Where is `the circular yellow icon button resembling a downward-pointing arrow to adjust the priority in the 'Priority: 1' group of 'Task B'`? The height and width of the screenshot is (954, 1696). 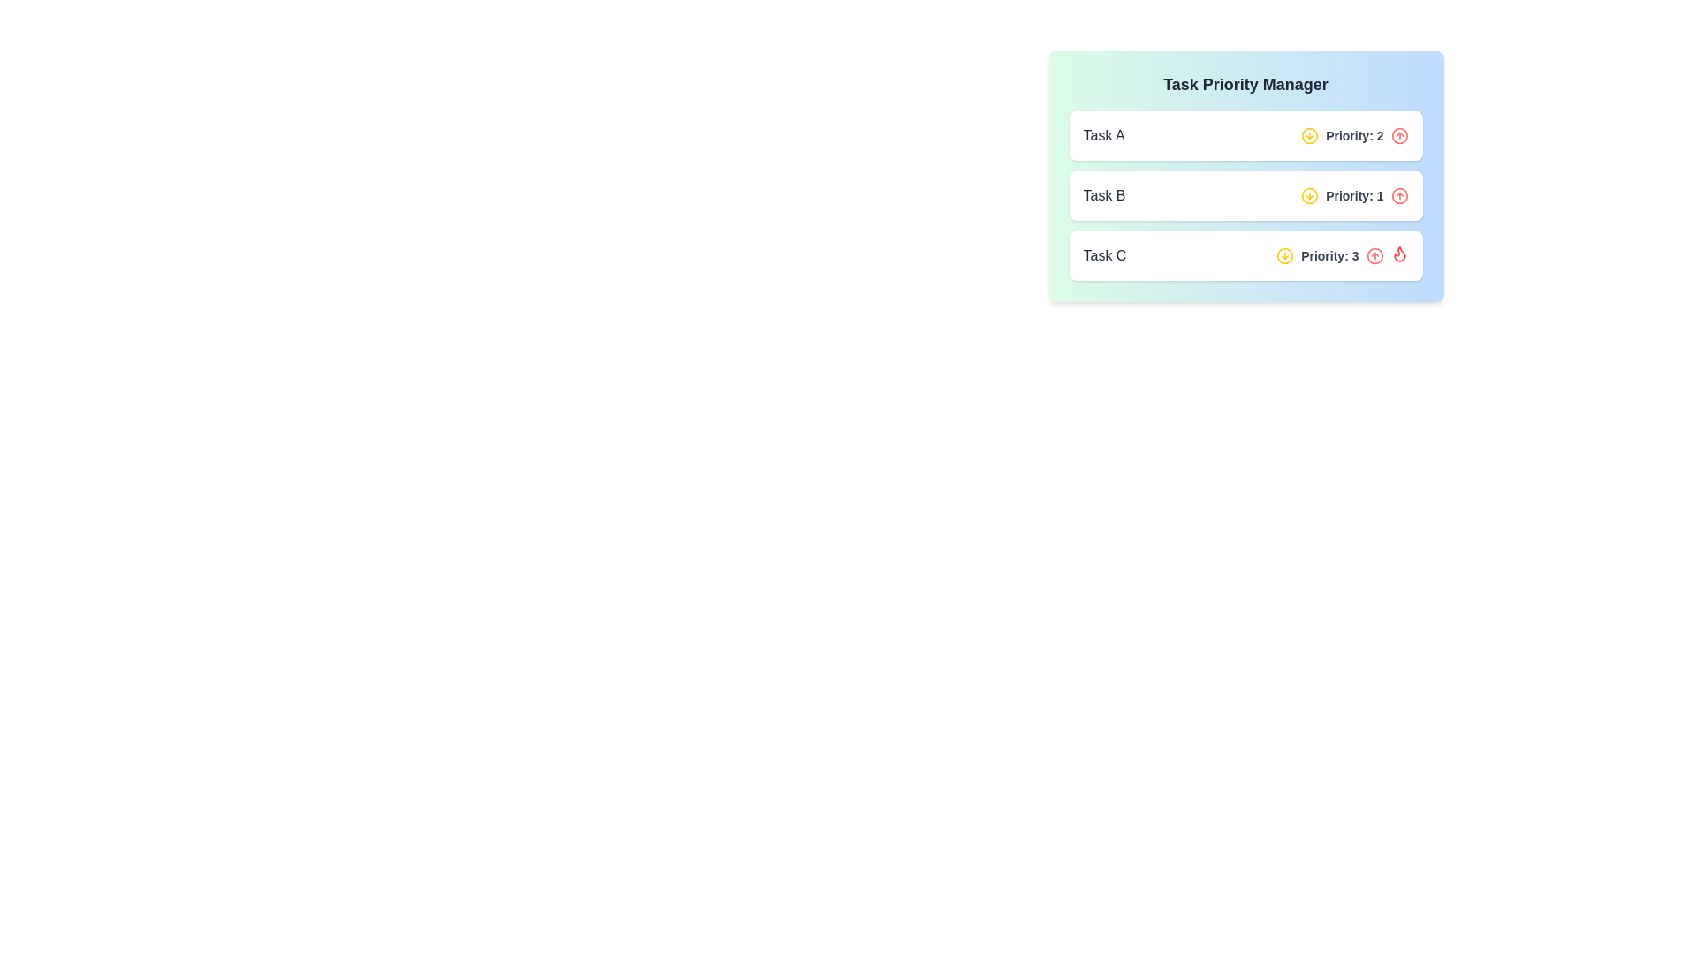
the circular yellow icon button resembling a downward-pointing arrow to adjust the priority in the 'Priority: 1' group of 'Task B' is located at coordinates (1310, 196).